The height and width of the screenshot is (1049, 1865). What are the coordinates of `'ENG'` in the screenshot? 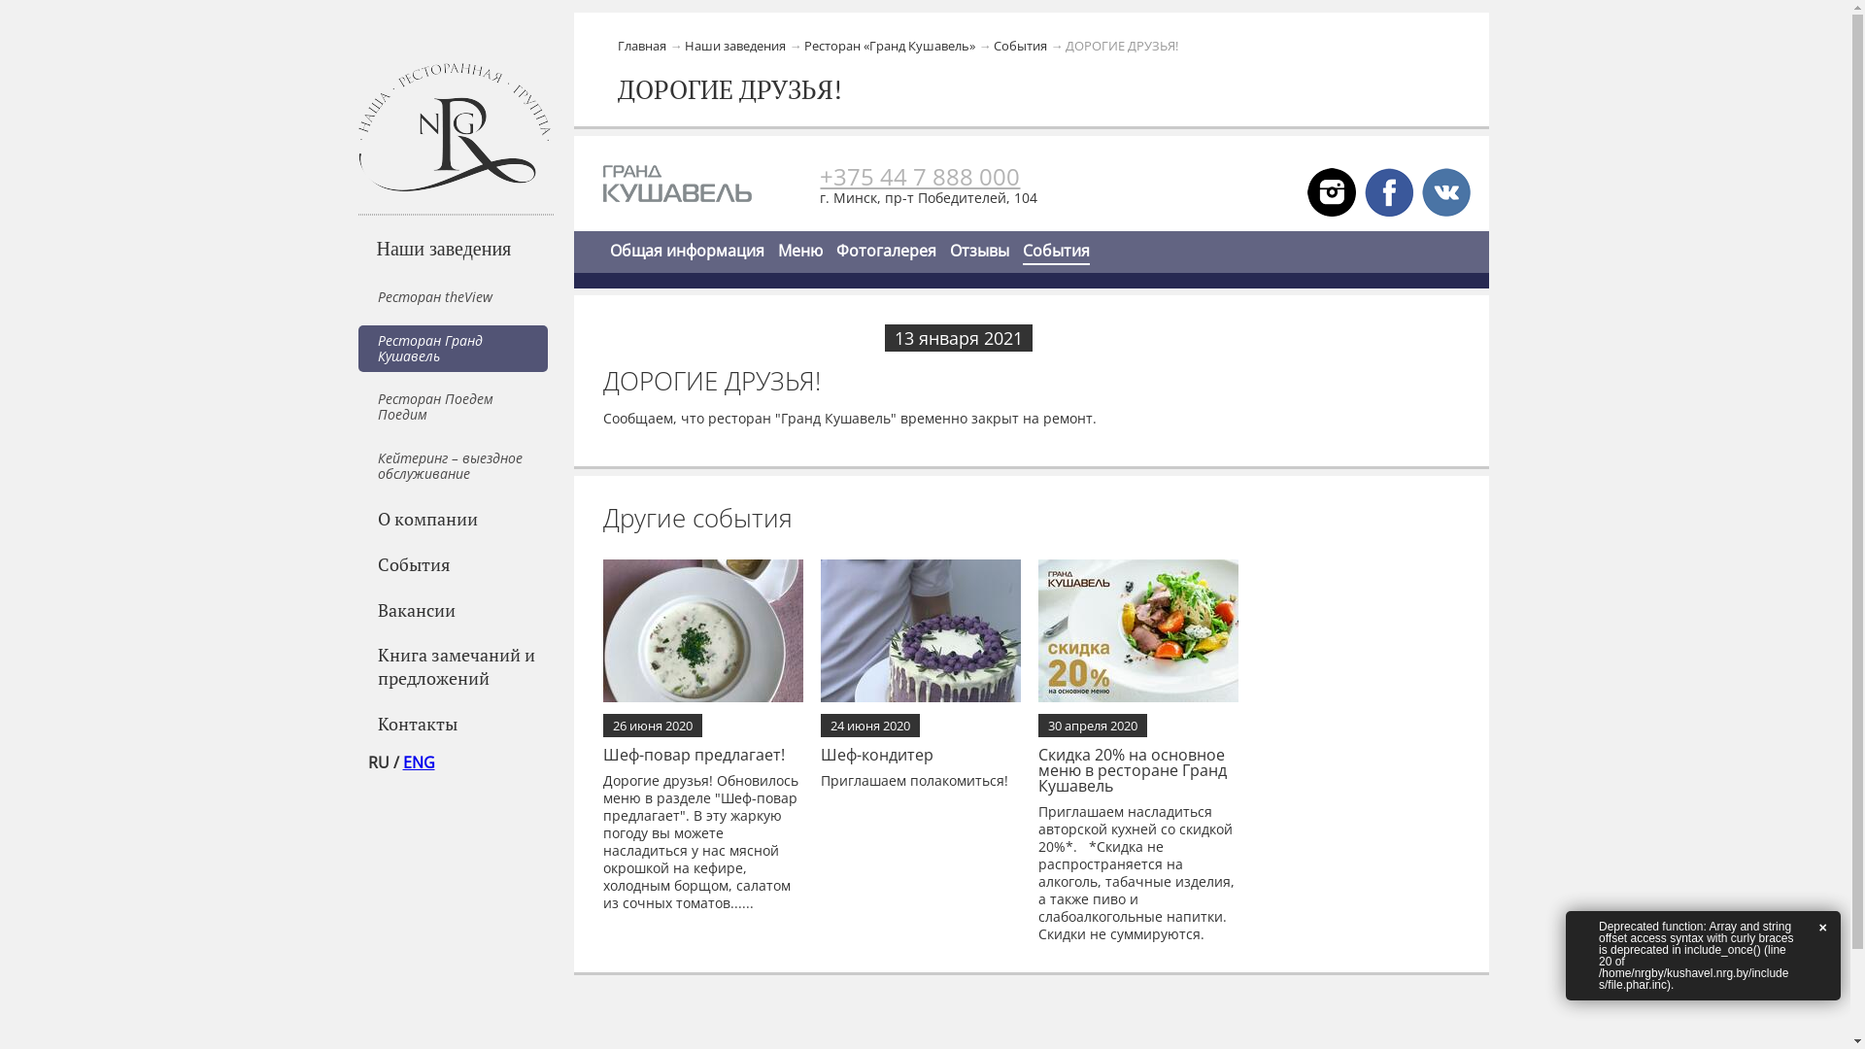 It's located at (417, 761).